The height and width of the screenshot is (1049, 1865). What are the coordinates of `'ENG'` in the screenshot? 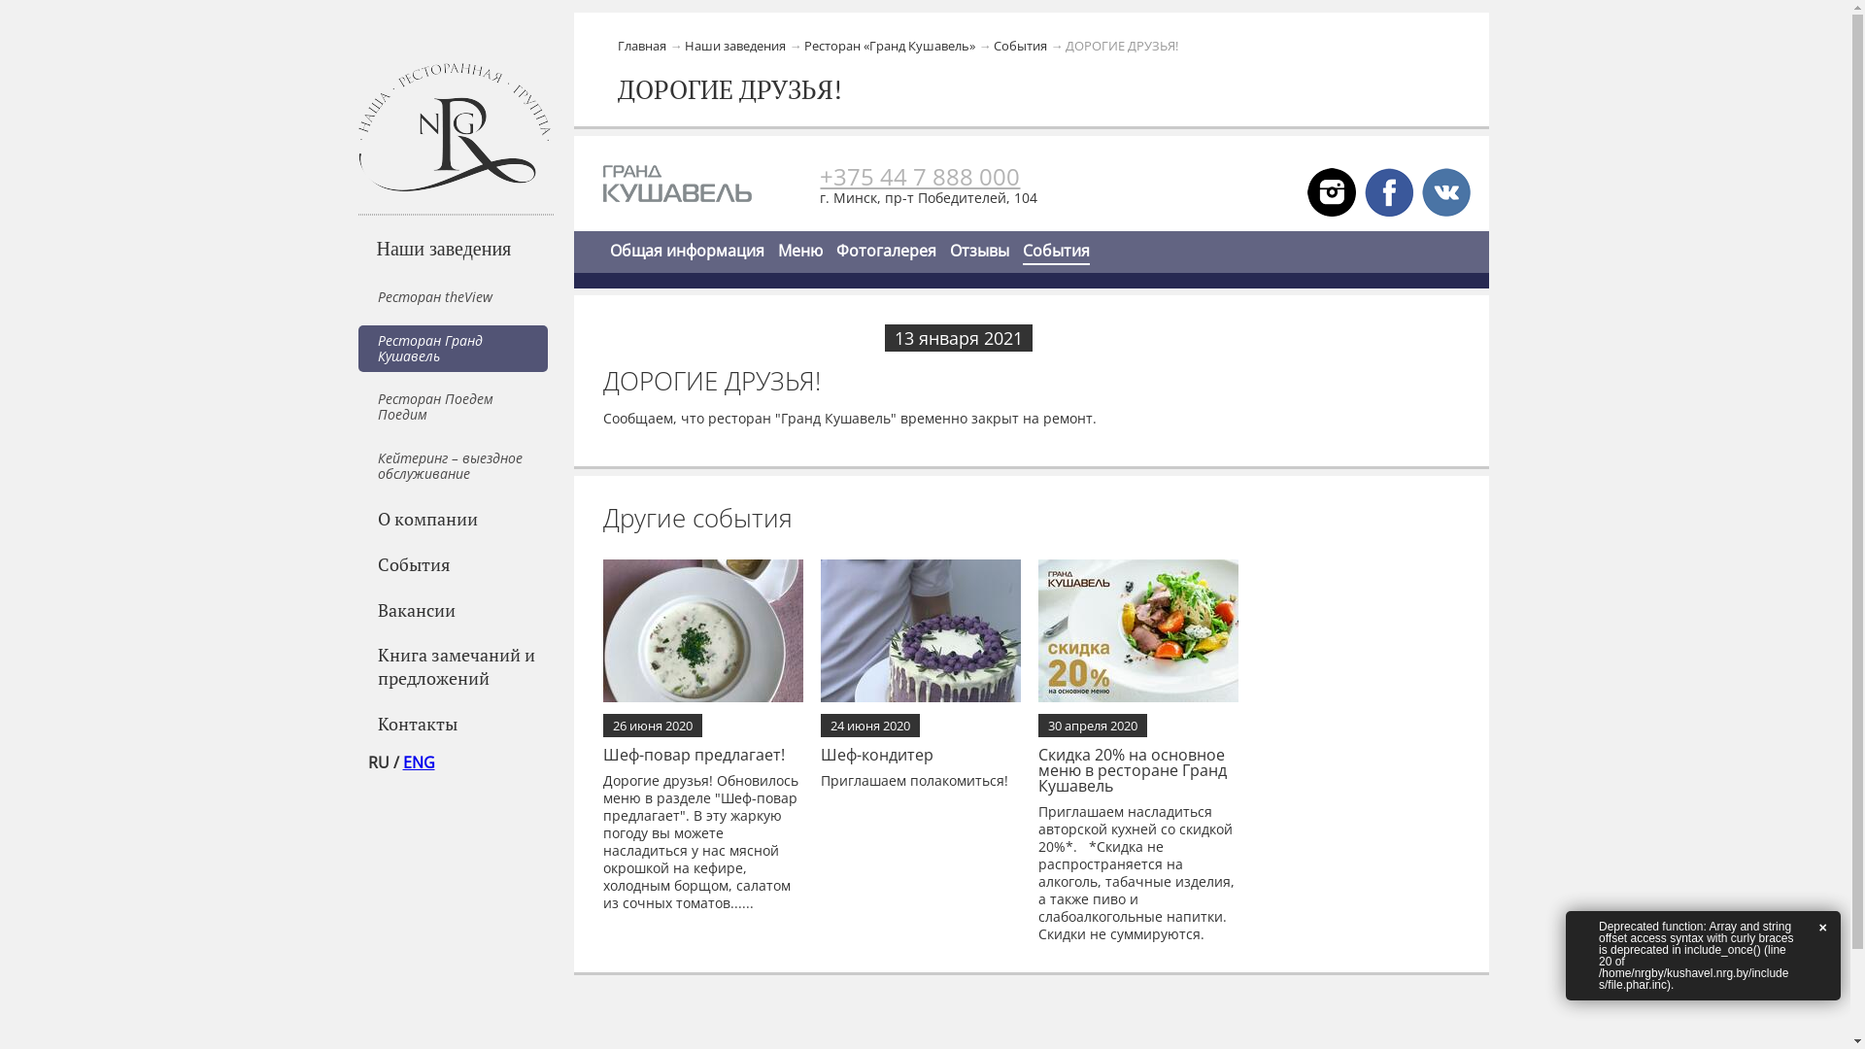 It's located at (417, 761).